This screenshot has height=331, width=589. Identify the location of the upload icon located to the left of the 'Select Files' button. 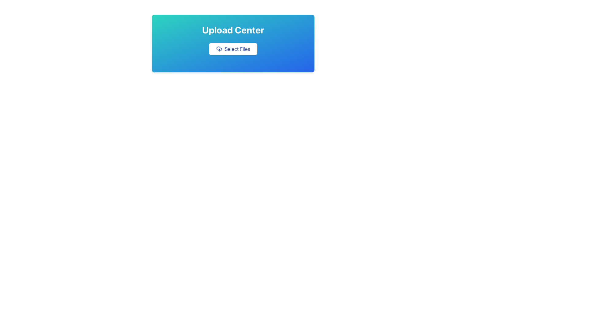
(219, 48).